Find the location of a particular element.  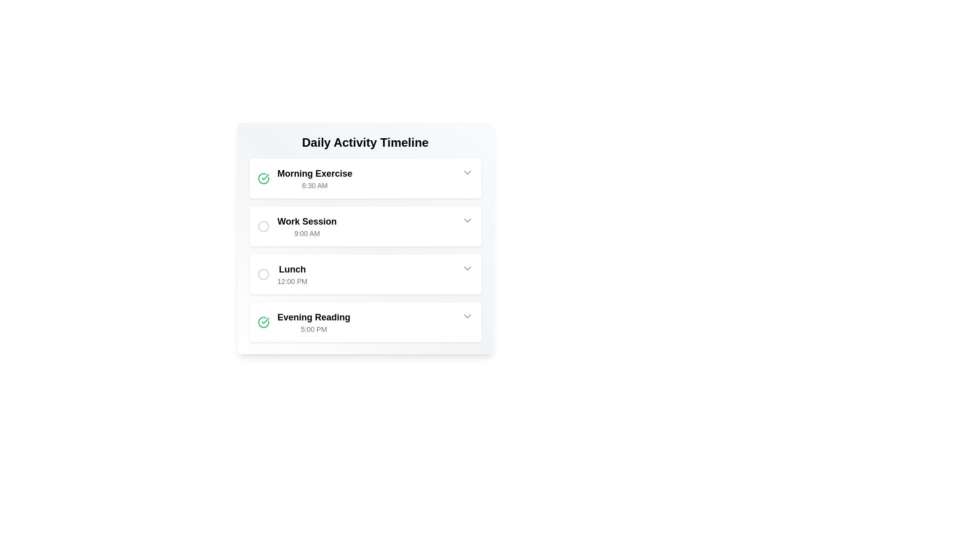

the green checkmark-shaped vector graphic indicating a completed status in the 'Evening Reading' task section, located within the circular icon at the bottom of the Daily Activity Timeline card is located at coordinates (265, 176).